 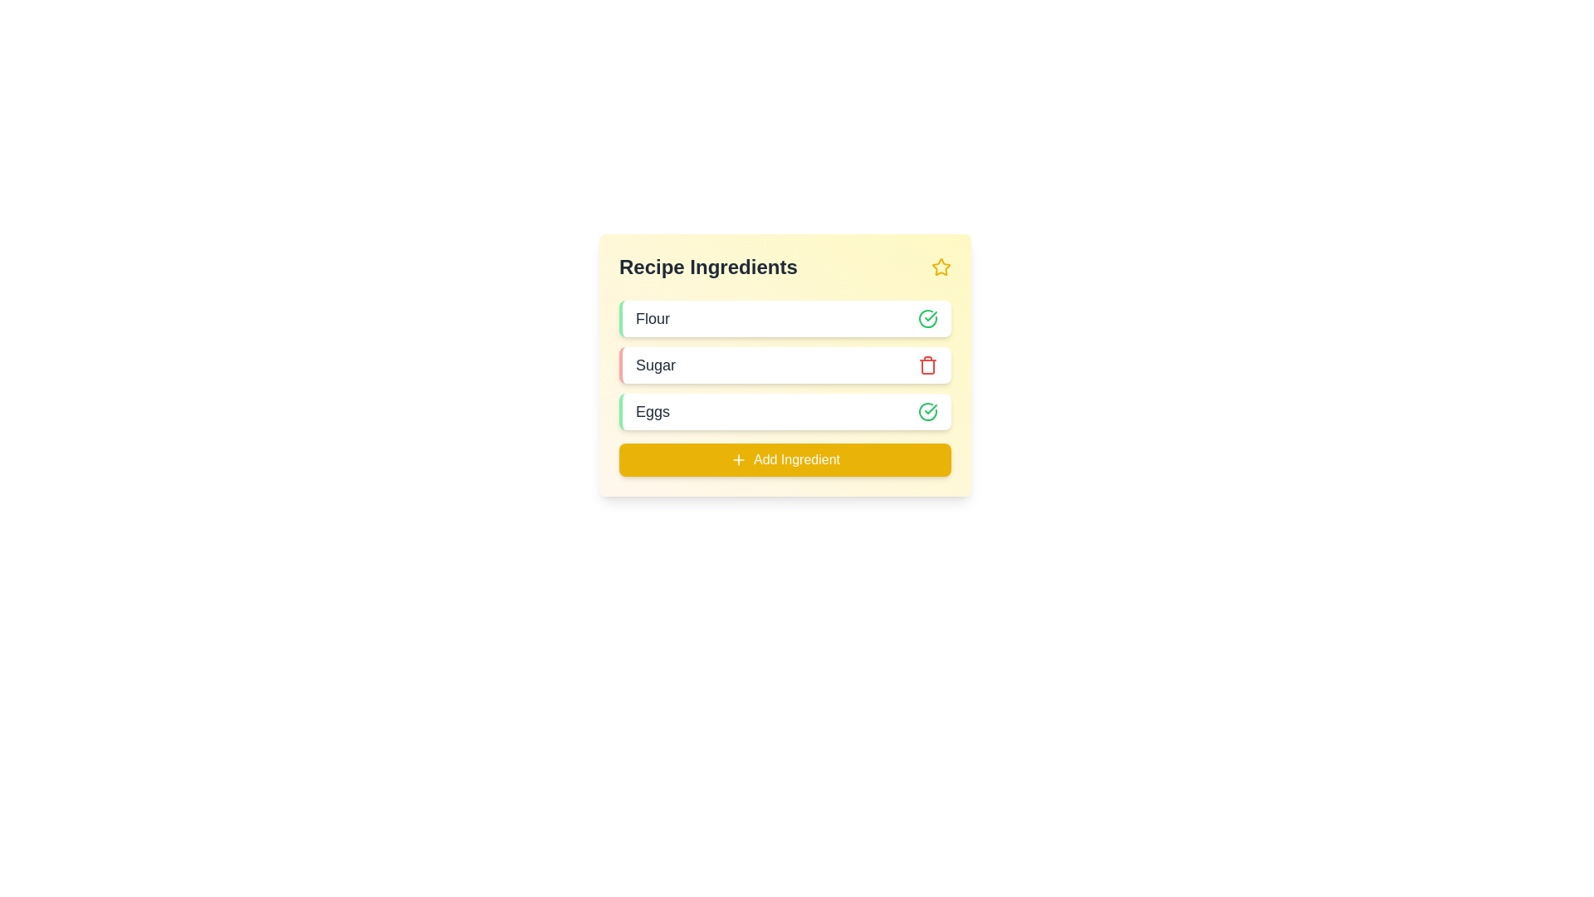 I want to click on the 'Add Ingredient' button to add a new ingredient to the list, so click(x=784, y=460).